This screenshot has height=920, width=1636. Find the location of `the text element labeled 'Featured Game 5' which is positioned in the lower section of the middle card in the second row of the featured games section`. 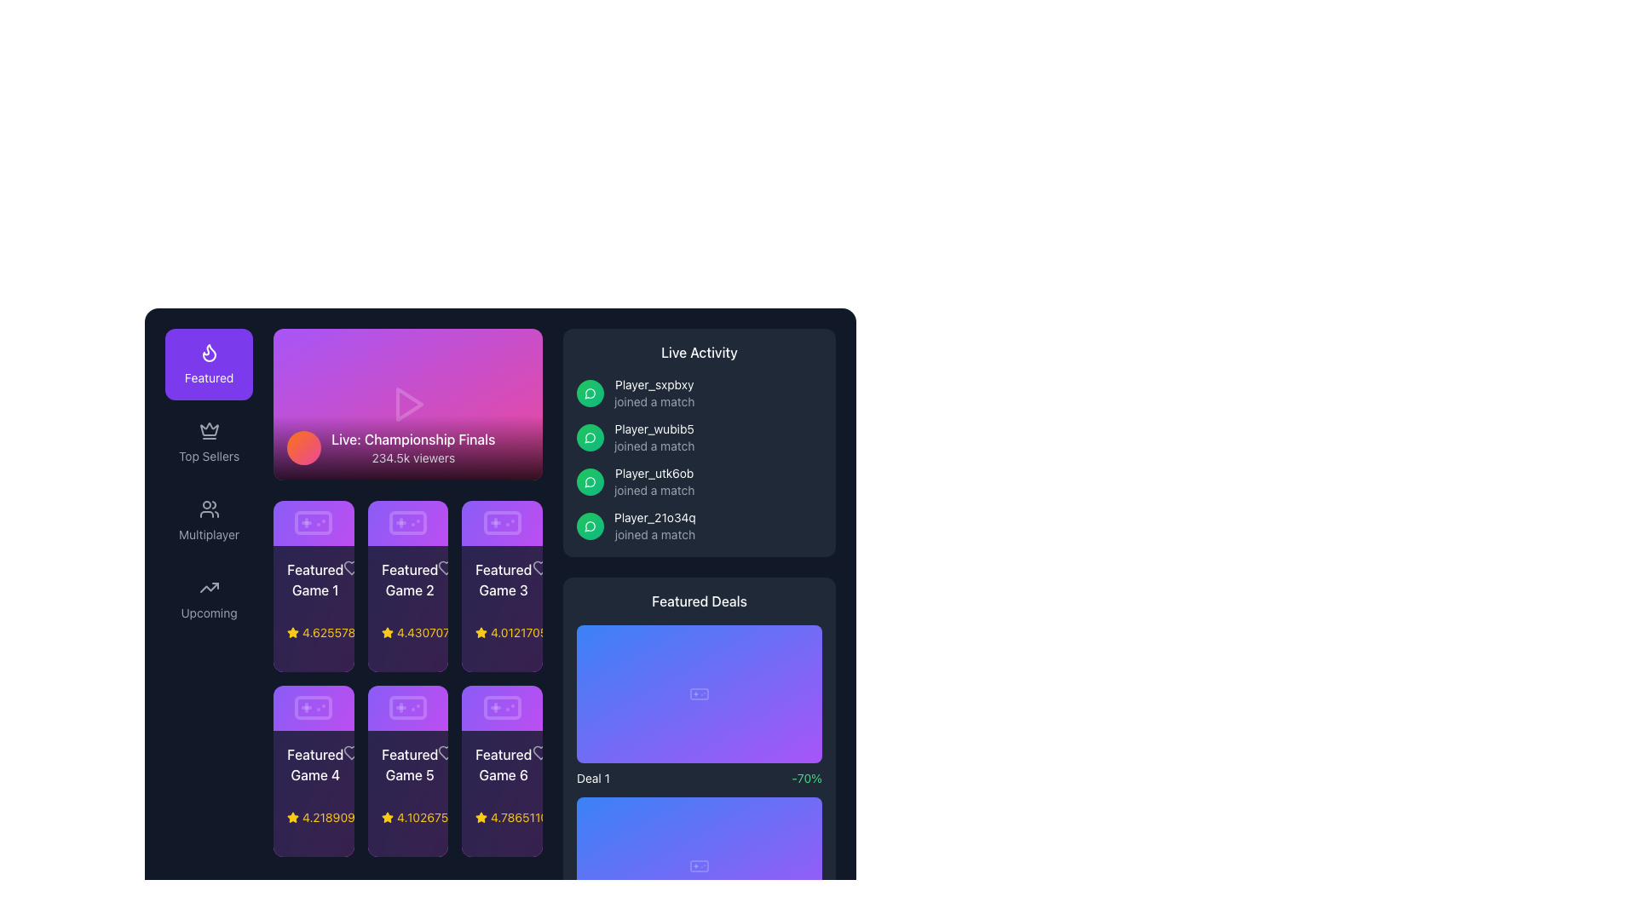

the text element labeled 'Featured Game 5' which is positioned in the lower section of the middle card in the second row of the featured games section is located at coordinates (407, 764).